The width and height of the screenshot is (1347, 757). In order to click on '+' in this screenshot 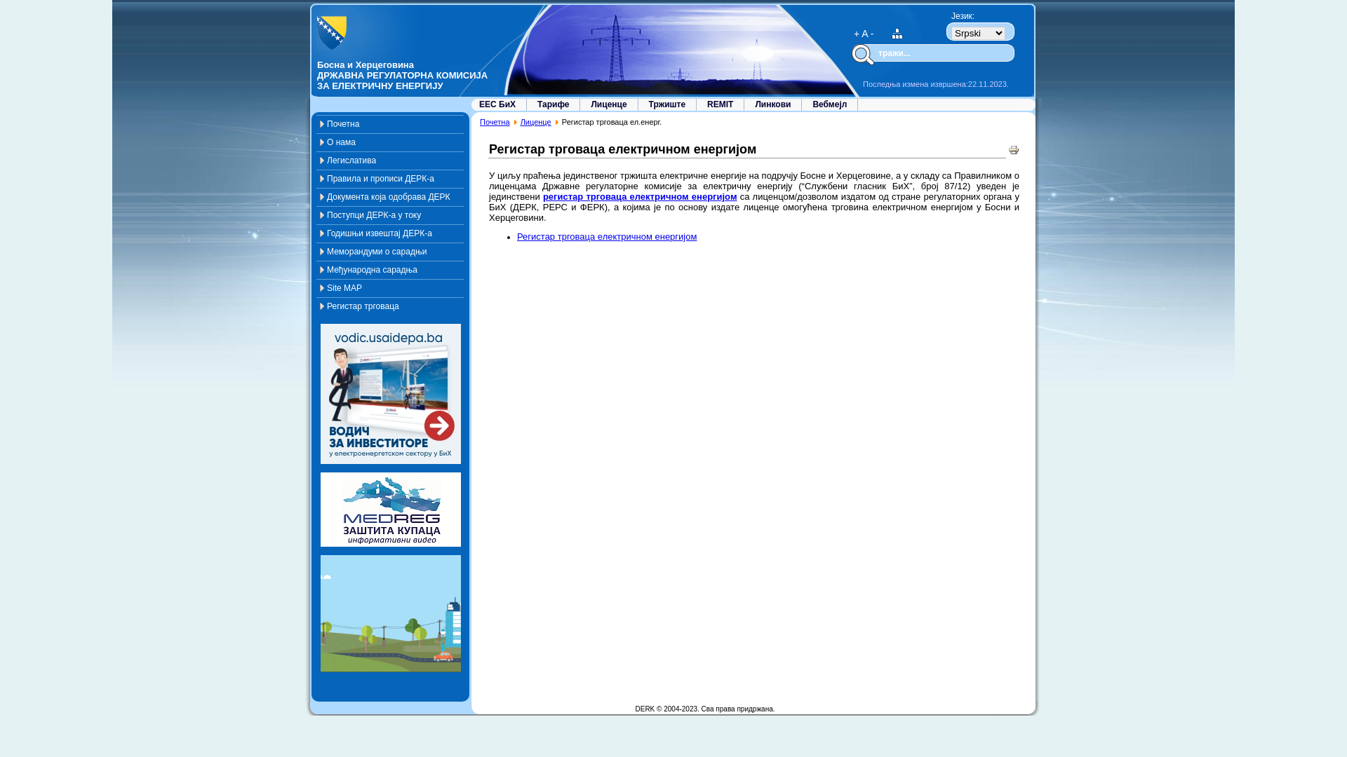, I will do `click(855, 32)`.